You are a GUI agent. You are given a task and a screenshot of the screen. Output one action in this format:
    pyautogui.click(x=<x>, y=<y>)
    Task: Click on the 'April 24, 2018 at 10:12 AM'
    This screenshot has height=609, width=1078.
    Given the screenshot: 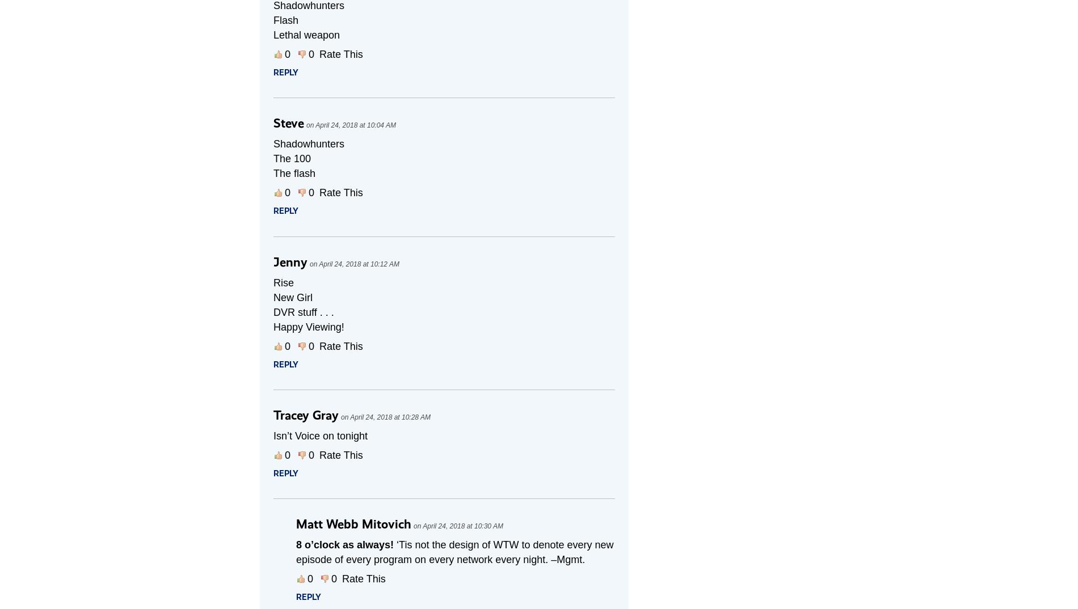 What is the action you would take?
    pyautogui.click(x=359, y=264)
    